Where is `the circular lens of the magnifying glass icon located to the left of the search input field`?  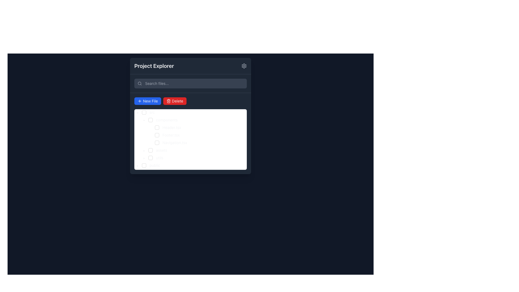 the circular lens of the magnifying glass icon located to the left of the search input field is located at coordinates (139, 83).